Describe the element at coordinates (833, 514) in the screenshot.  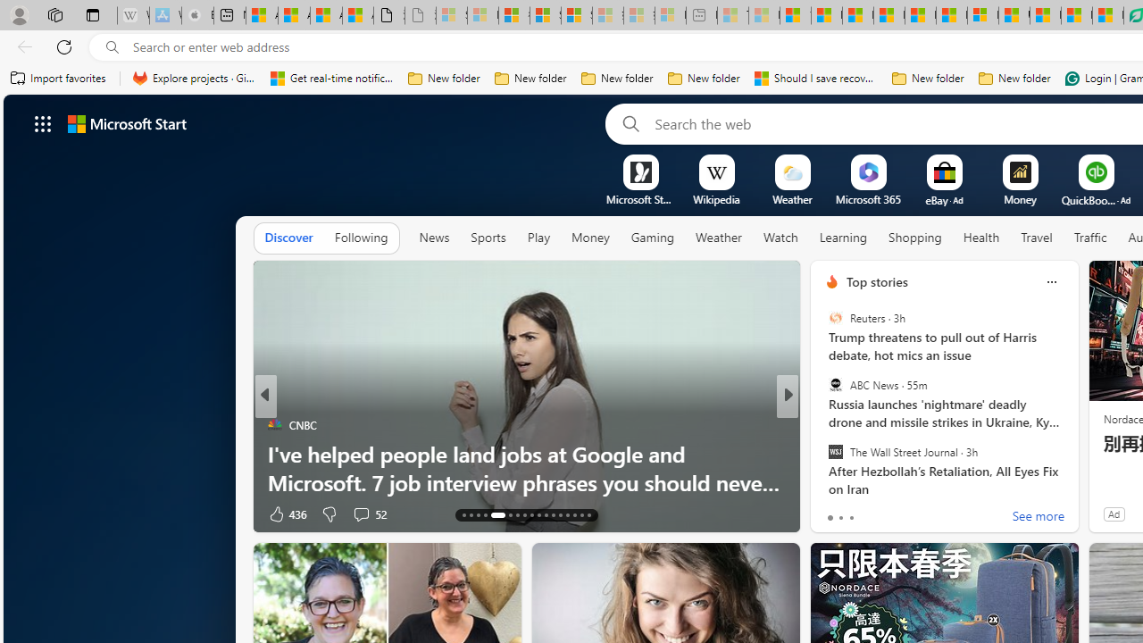
I see `'26 Like'` at that location.